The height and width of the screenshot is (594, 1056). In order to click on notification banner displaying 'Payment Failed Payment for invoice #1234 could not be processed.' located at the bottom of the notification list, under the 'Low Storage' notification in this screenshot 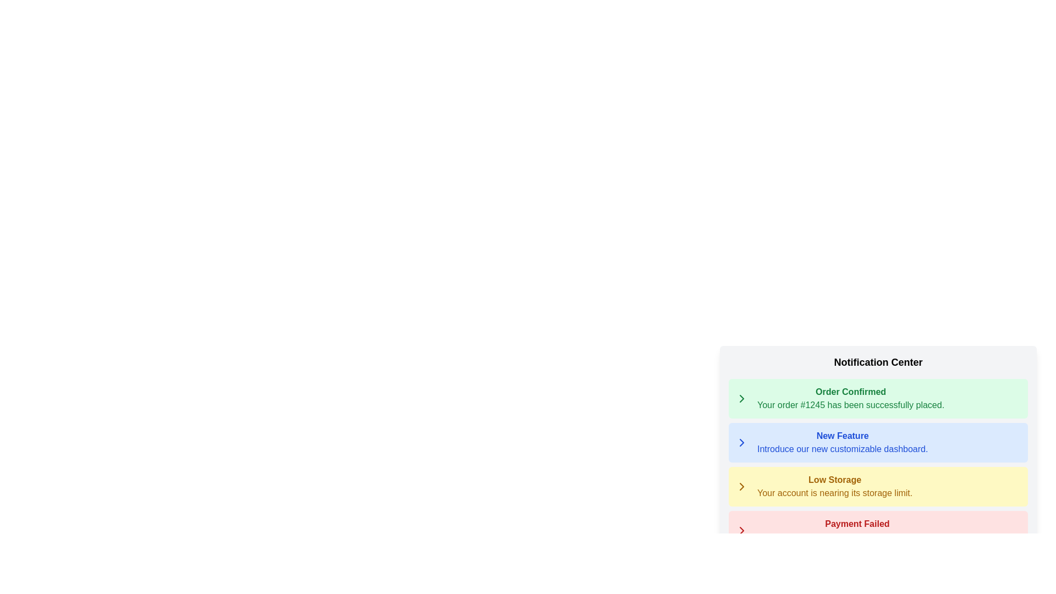, I will do `click(856, 530)`.